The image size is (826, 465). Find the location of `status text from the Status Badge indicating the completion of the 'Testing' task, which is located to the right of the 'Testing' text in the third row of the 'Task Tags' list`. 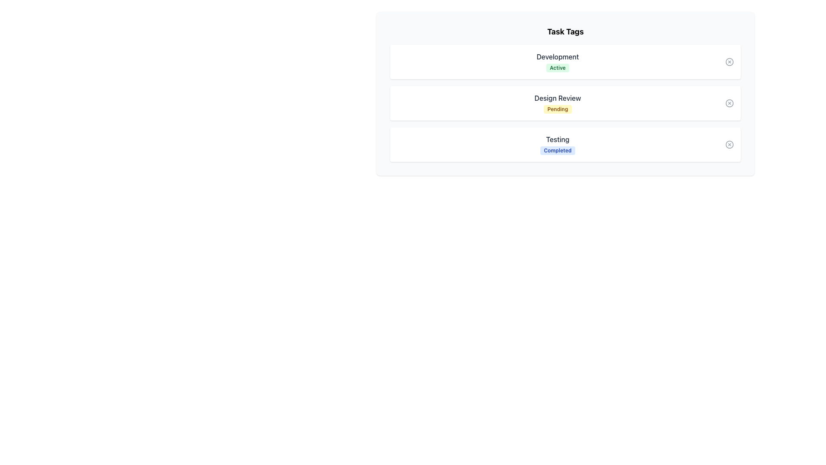

status text from the Status Badge indicating the completion of the 'Testing' task, which is located to the right of the 'Testing' text in the third row of the 'Task Tags' list is located at coordinates (558, 150).